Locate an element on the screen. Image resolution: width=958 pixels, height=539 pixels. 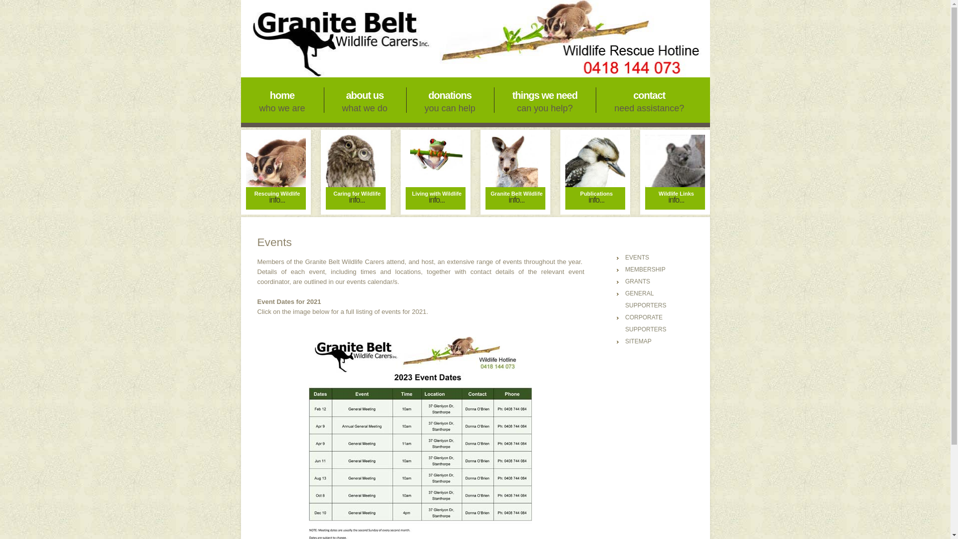
'MEMBERSHIP' is located at coordinates (645, 269).